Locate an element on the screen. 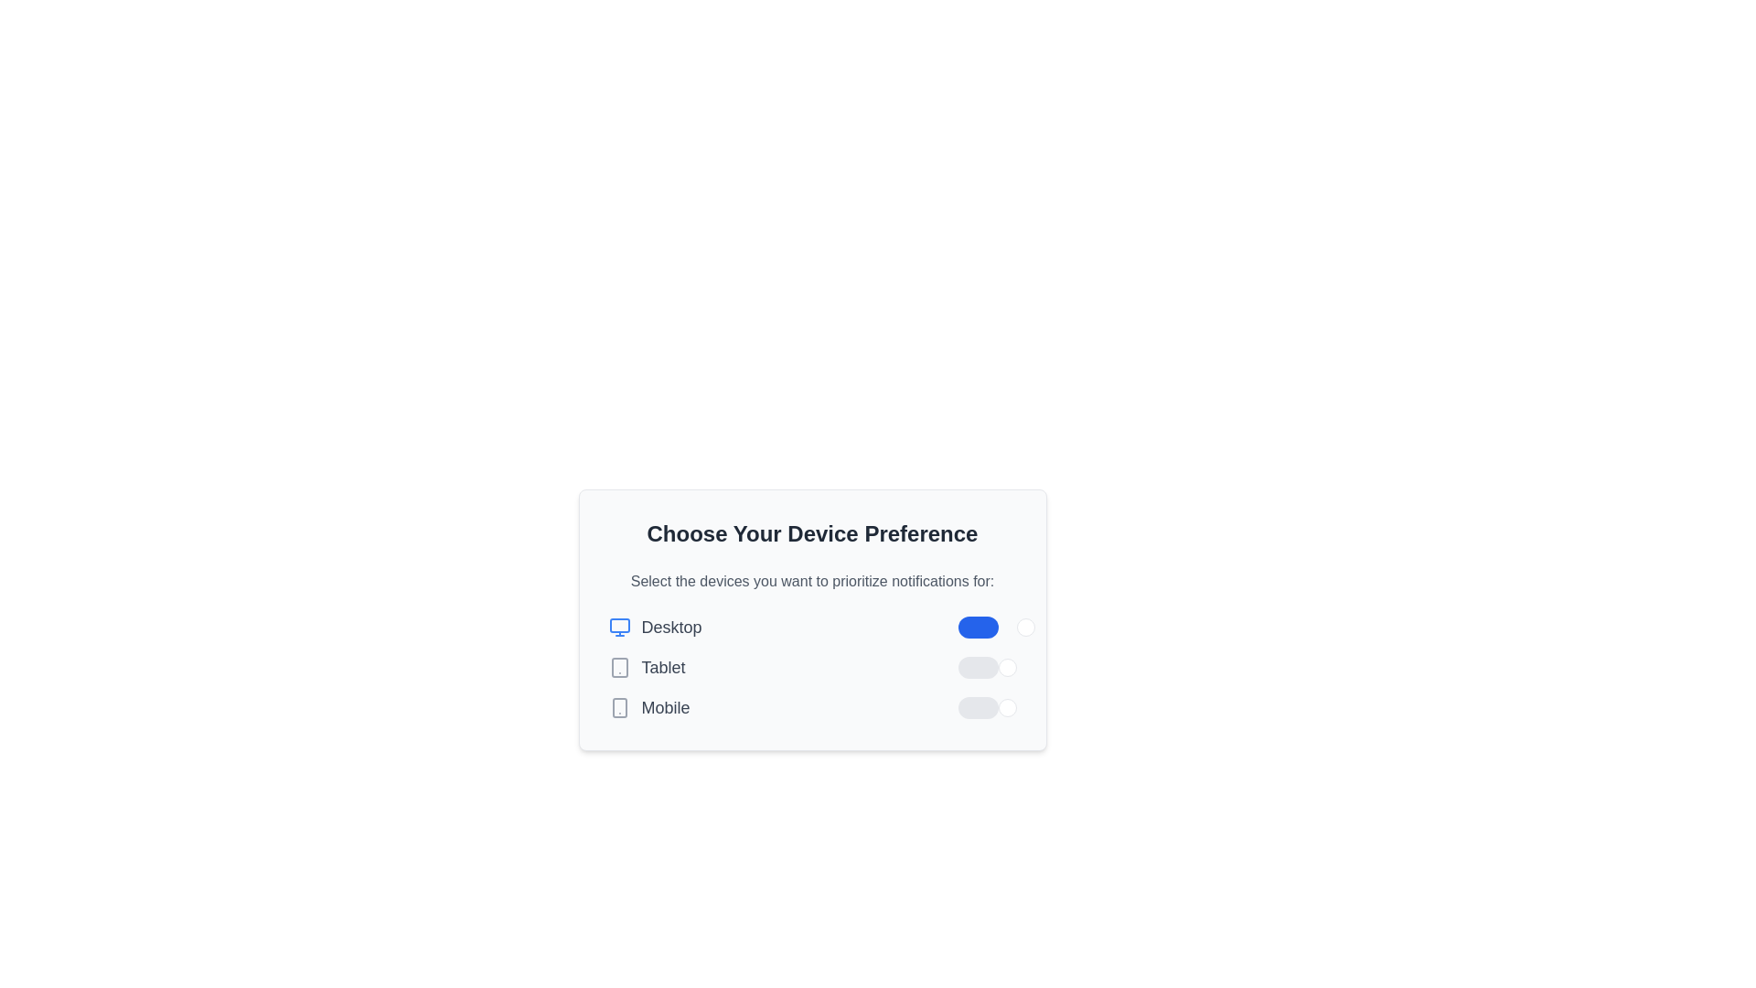  the circular handle of the toggle switch for the 'Tablet' notification preference to receive visual feedback is located at coordinates (1006, 667).